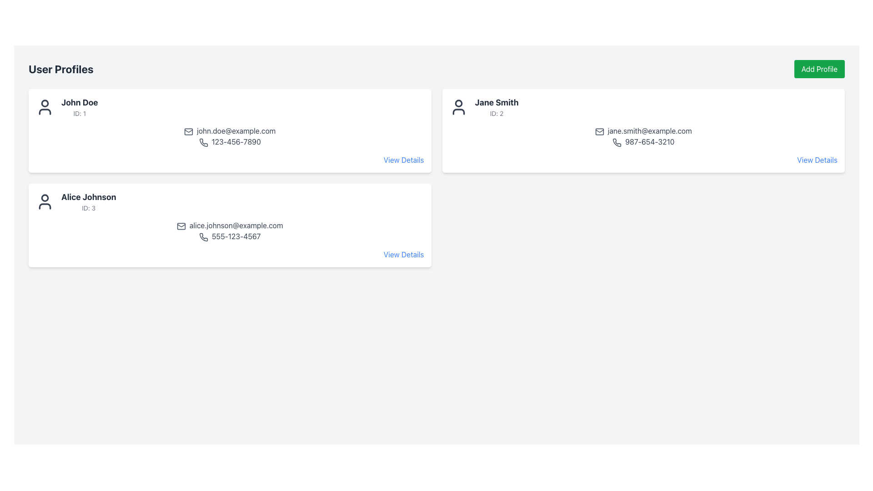  I want to click on the 'Add Profile' button, which has rounded edges, a green background, and white text, so click(819, 68).